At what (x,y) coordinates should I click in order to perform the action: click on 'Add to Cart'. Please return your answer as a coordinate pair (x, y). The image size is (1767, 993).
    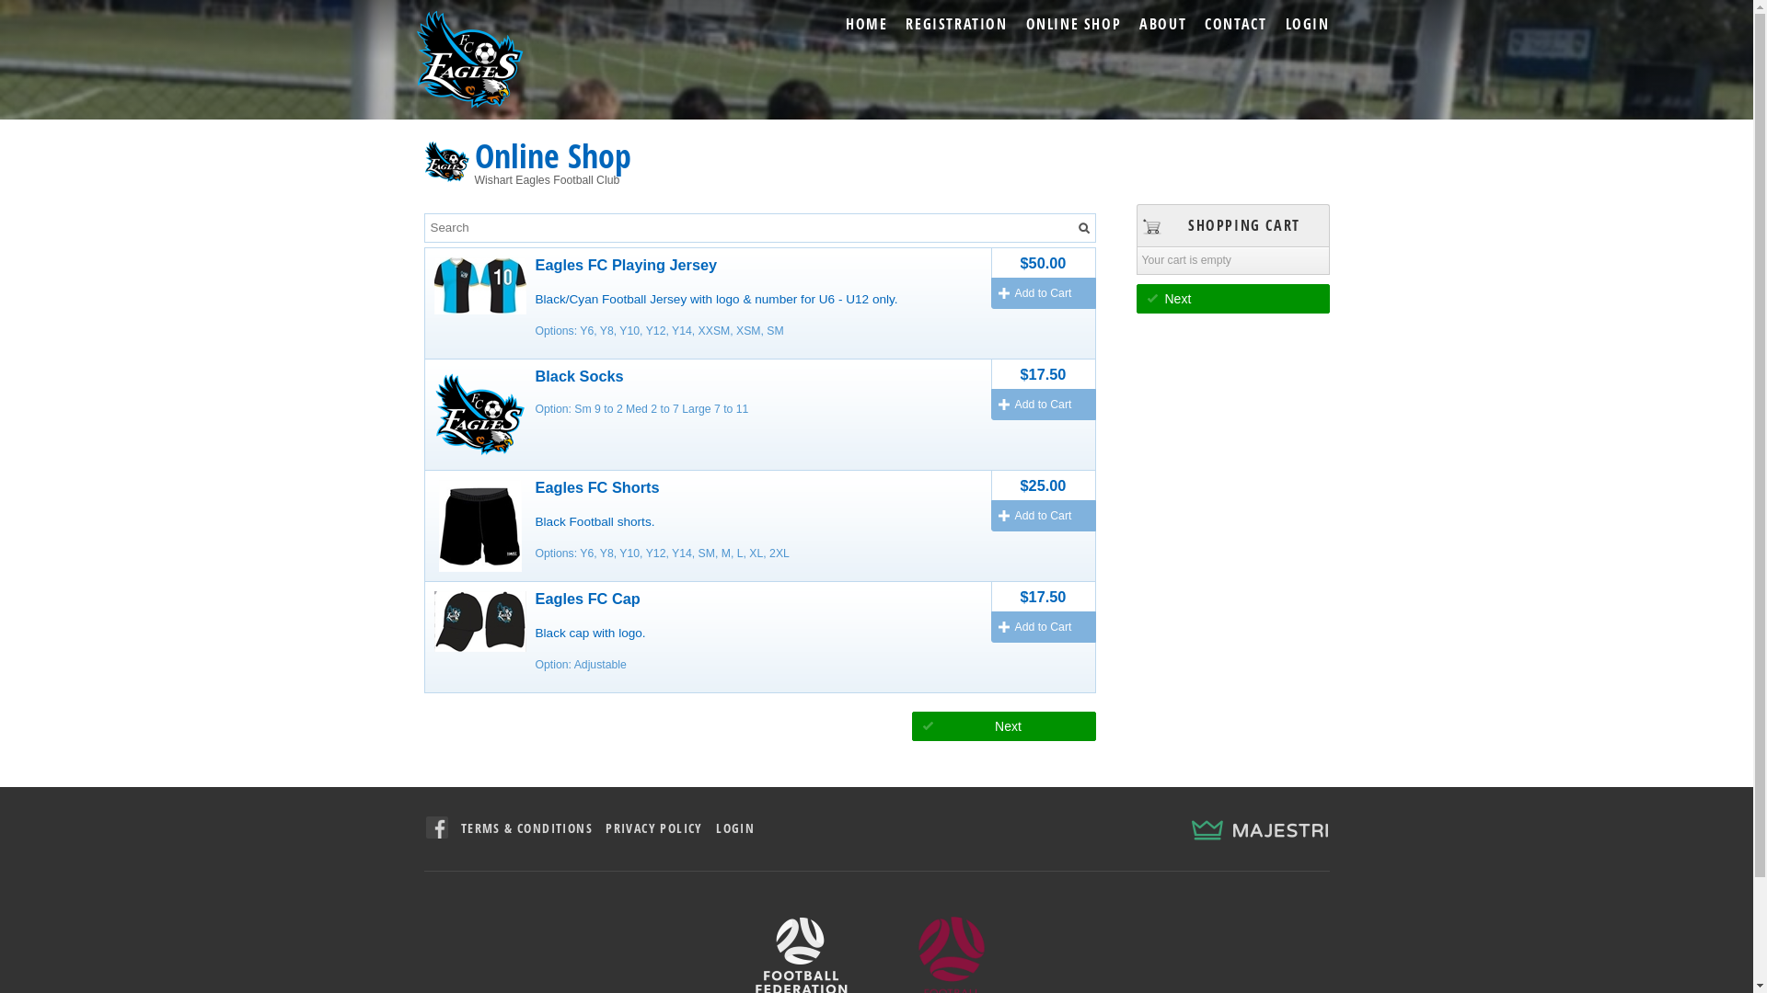
    Looking at the image, I should click on (1042, 515).